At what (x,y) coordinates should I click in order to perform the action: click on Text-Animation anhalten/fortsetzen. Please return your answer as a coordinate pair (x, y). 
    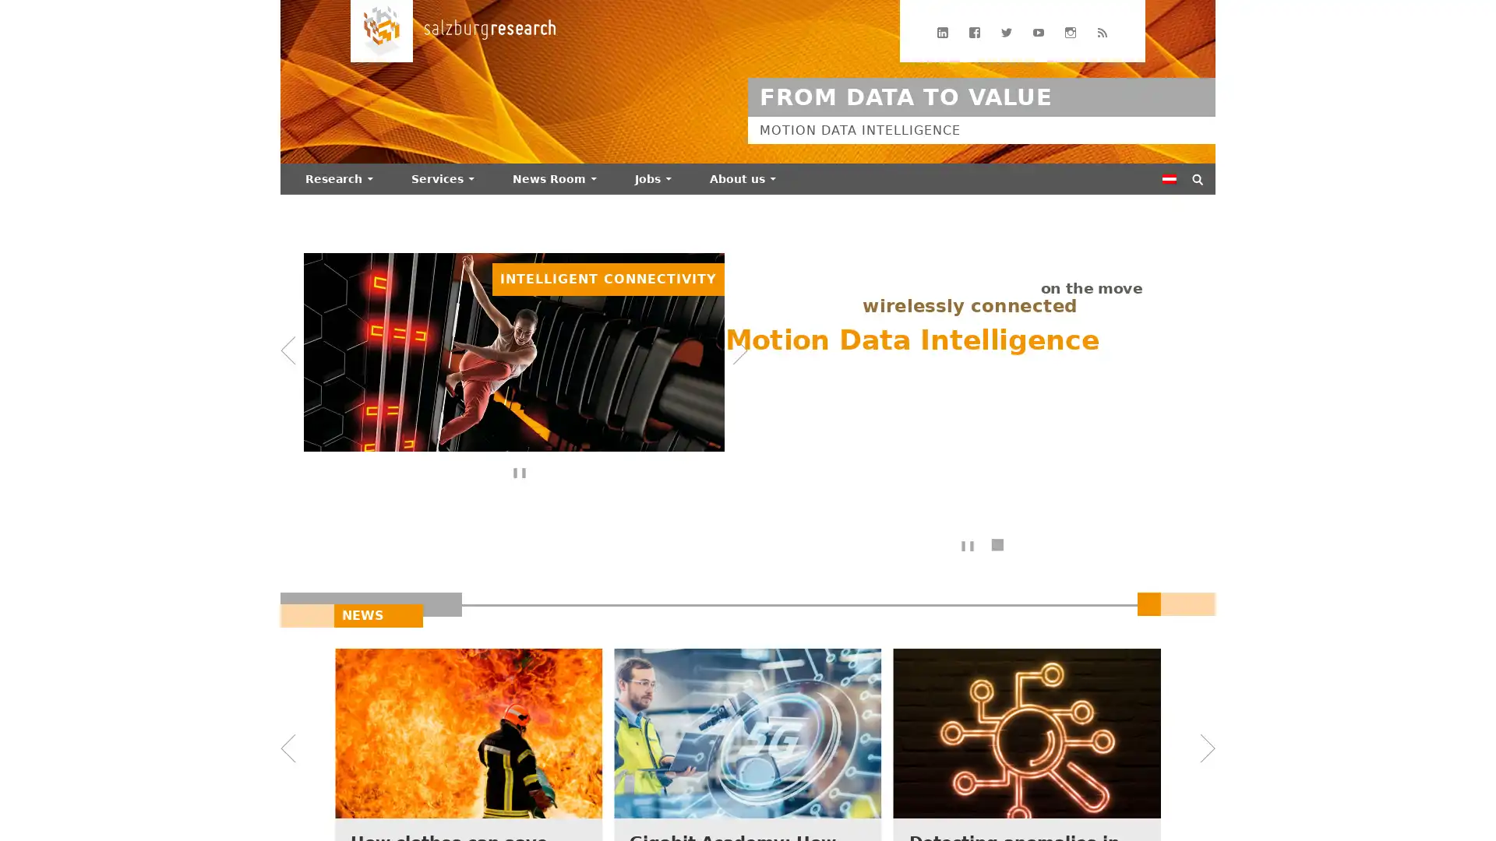
    Looking at the image, I should click on (966, 544).